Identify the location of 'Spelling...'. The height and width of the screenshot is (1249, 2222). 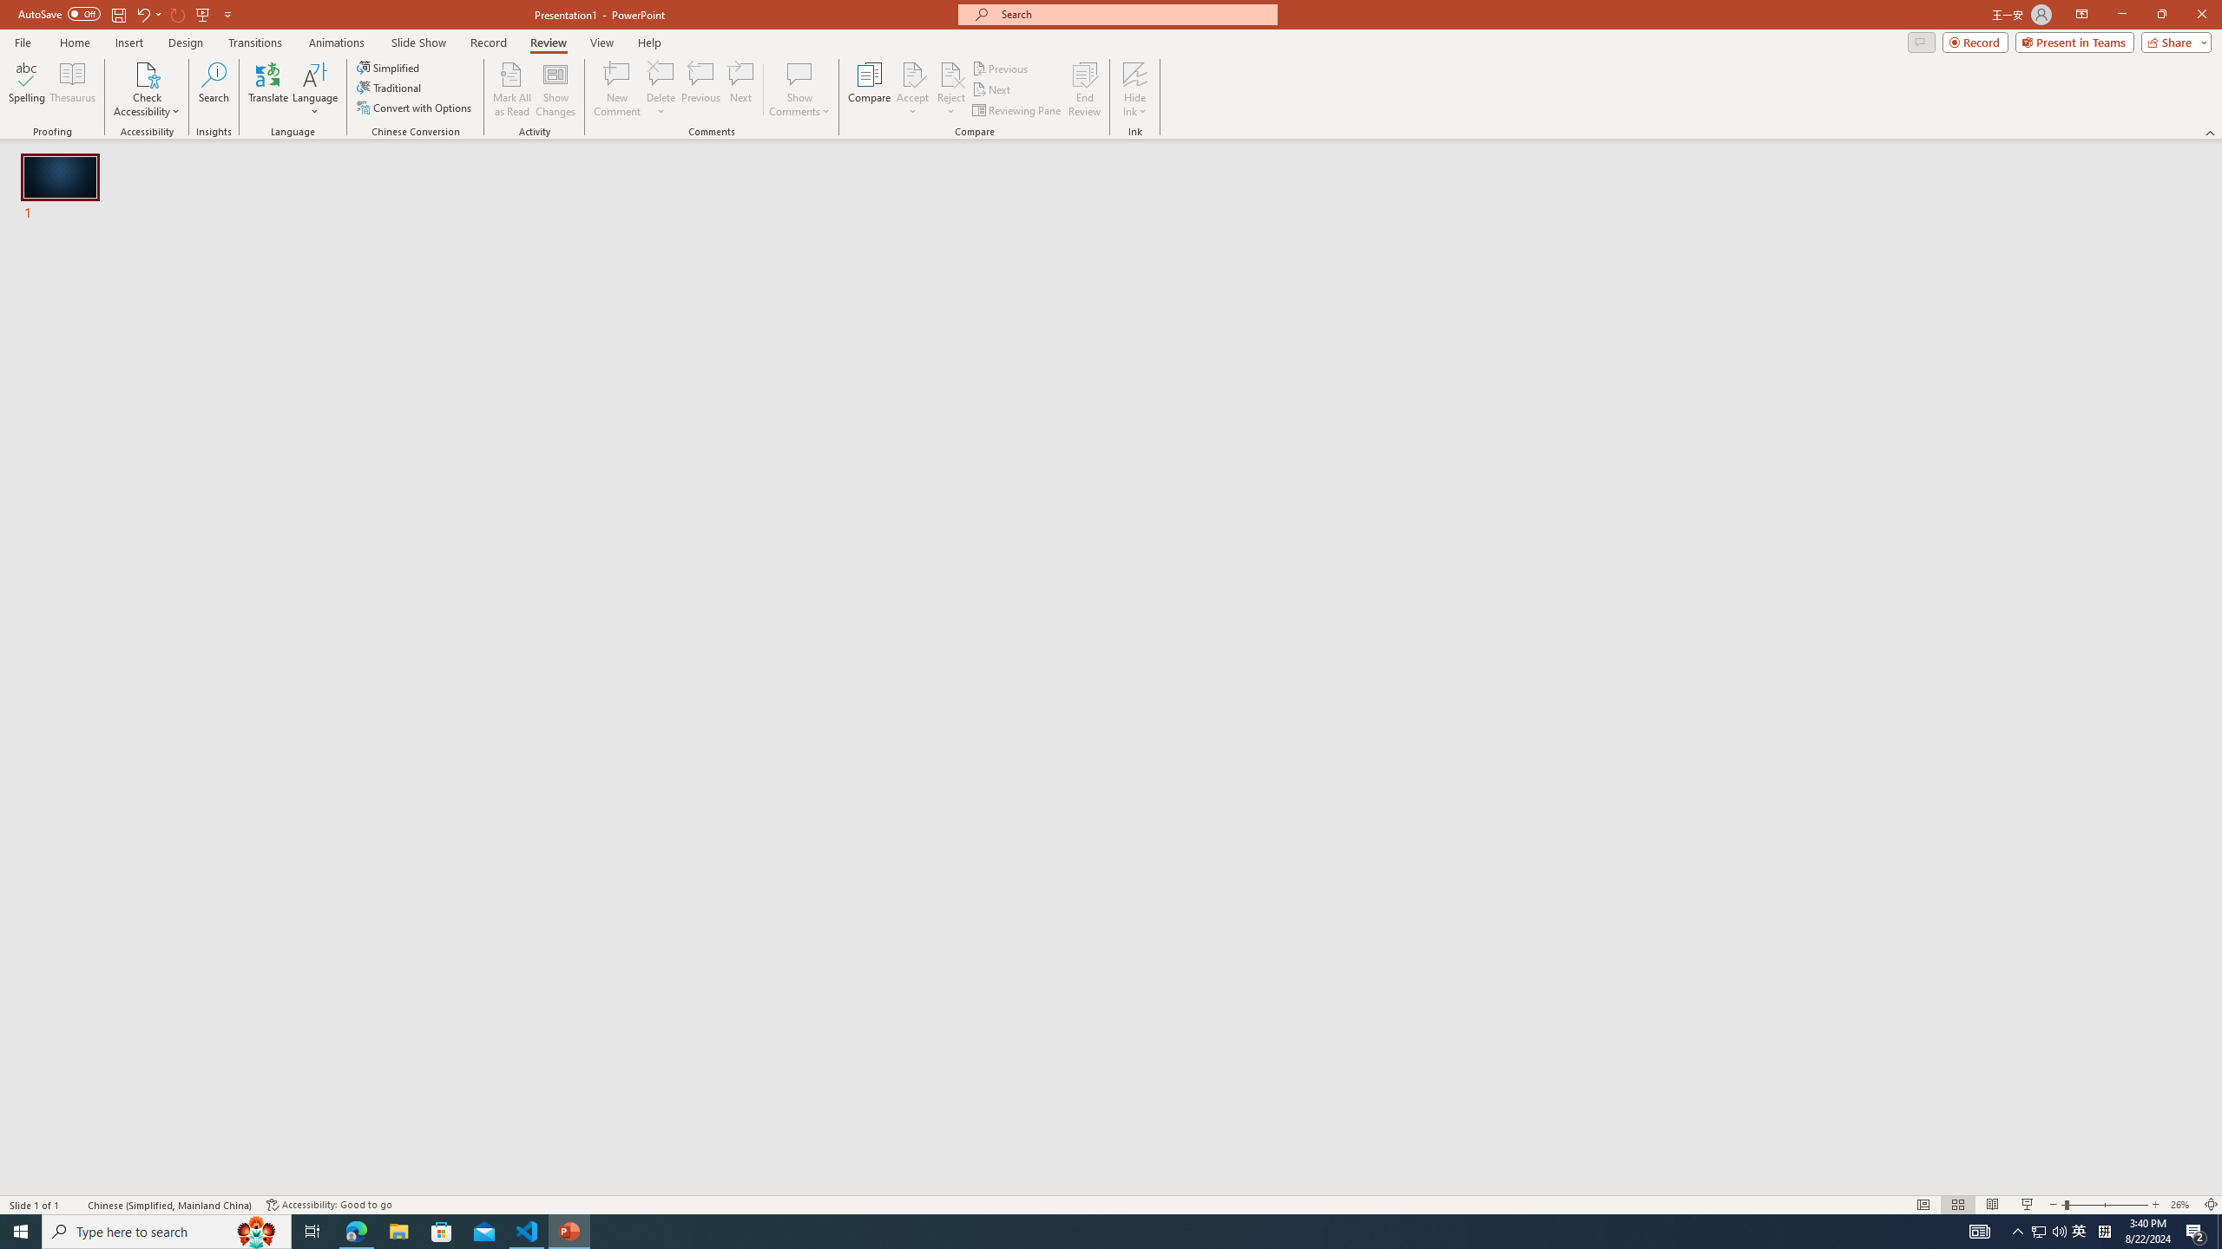
(25, 89).